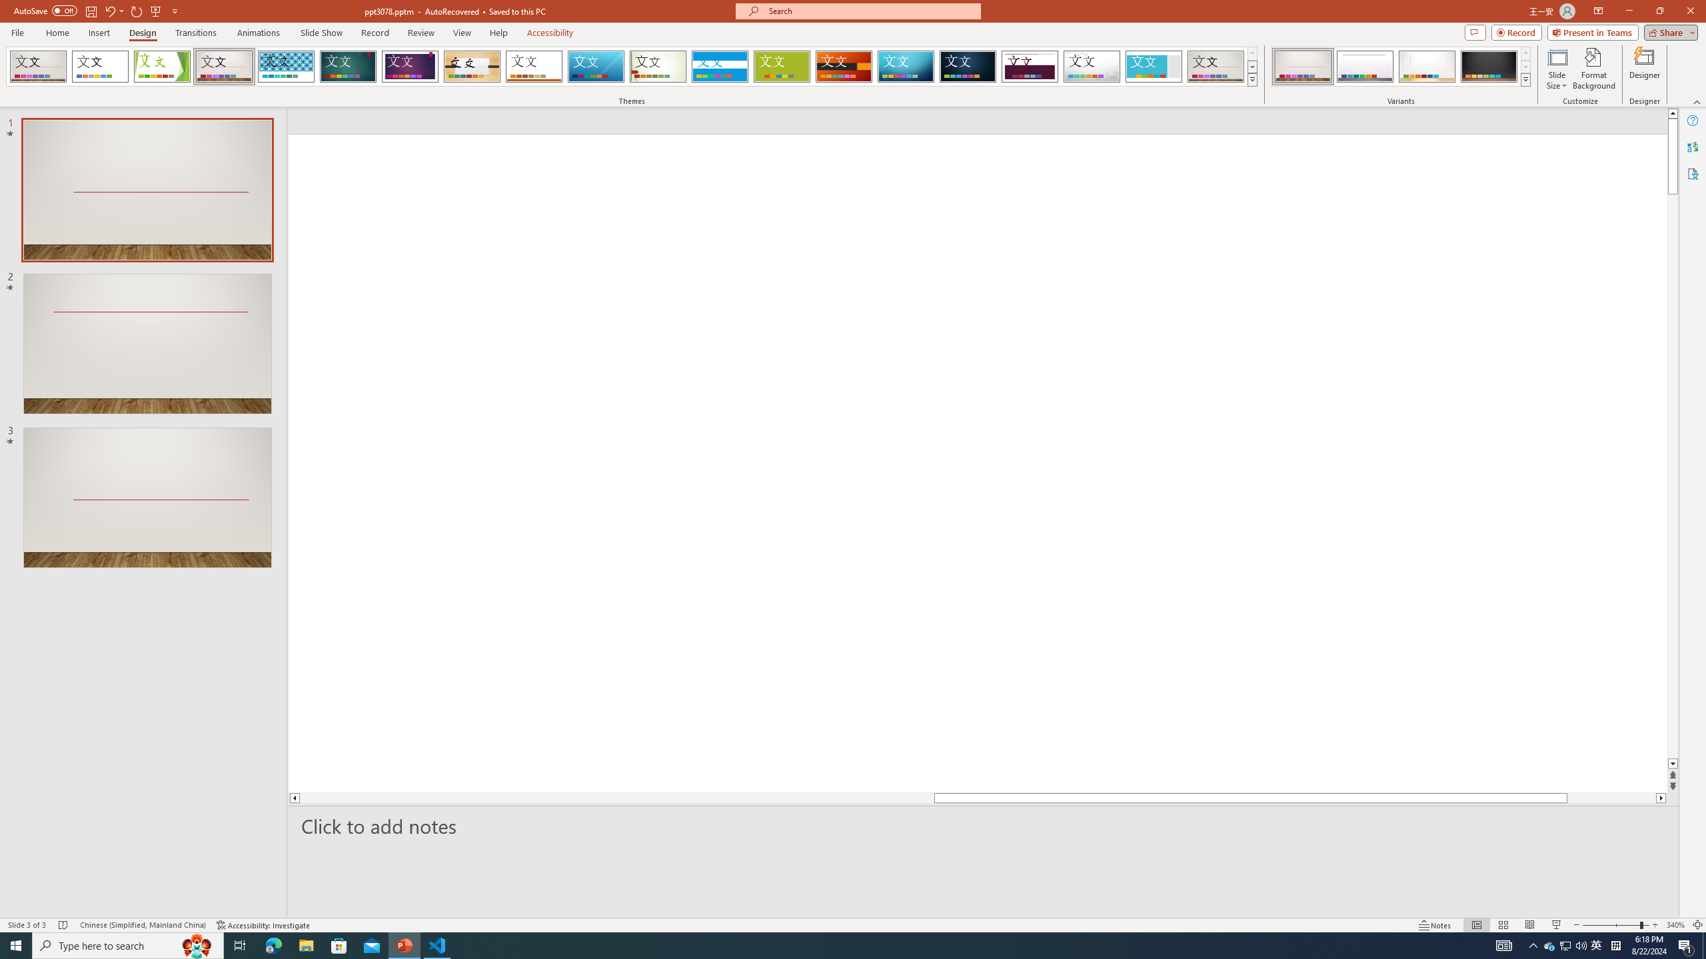  What do you see at coordinates (472, 66) in the screenshot?
I see `'Organic'` at bounding box center [472, 66].